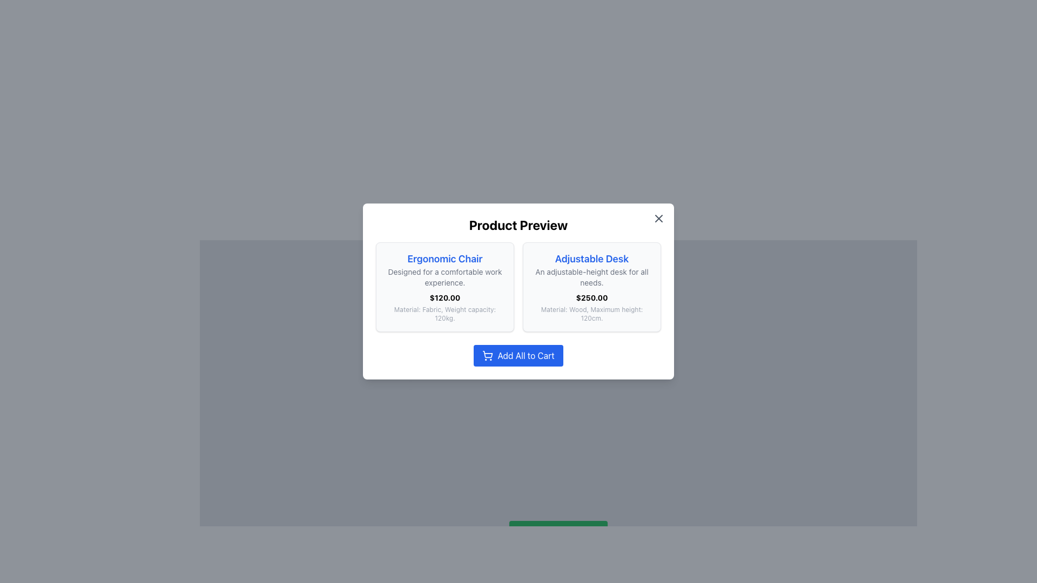 The height and width of the screenshot is (583, 1037). I want to click on the 'Ergonomic Chair' text label, which is displayed in bold blue font at the top of the left product card, so click(445, 259).